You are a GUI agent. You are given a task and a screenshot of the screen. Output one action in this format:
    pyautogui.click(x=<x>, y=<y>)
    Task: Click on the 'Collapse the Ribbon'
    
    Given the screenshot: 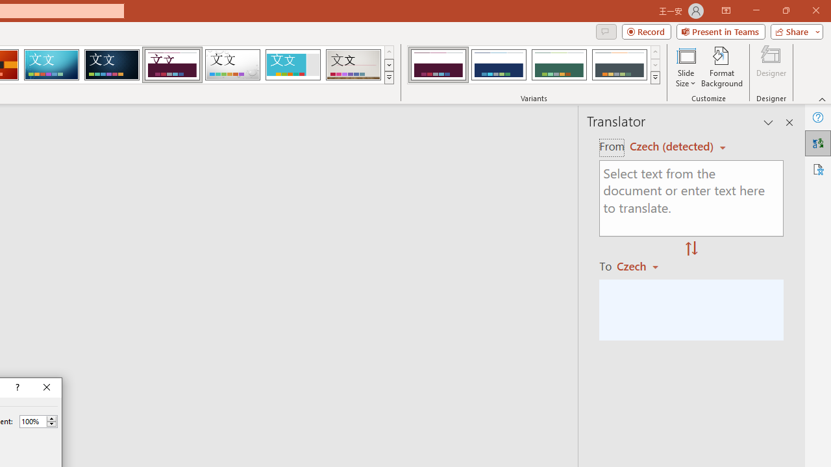 What is the action you would take?
    pyautogui.click(x=822, y=99)
    